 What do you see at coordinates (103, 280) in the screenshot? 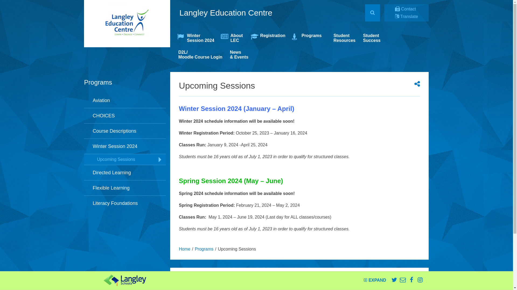
I see `'SD35, Langley School District'` at bounding box center [103, 280].